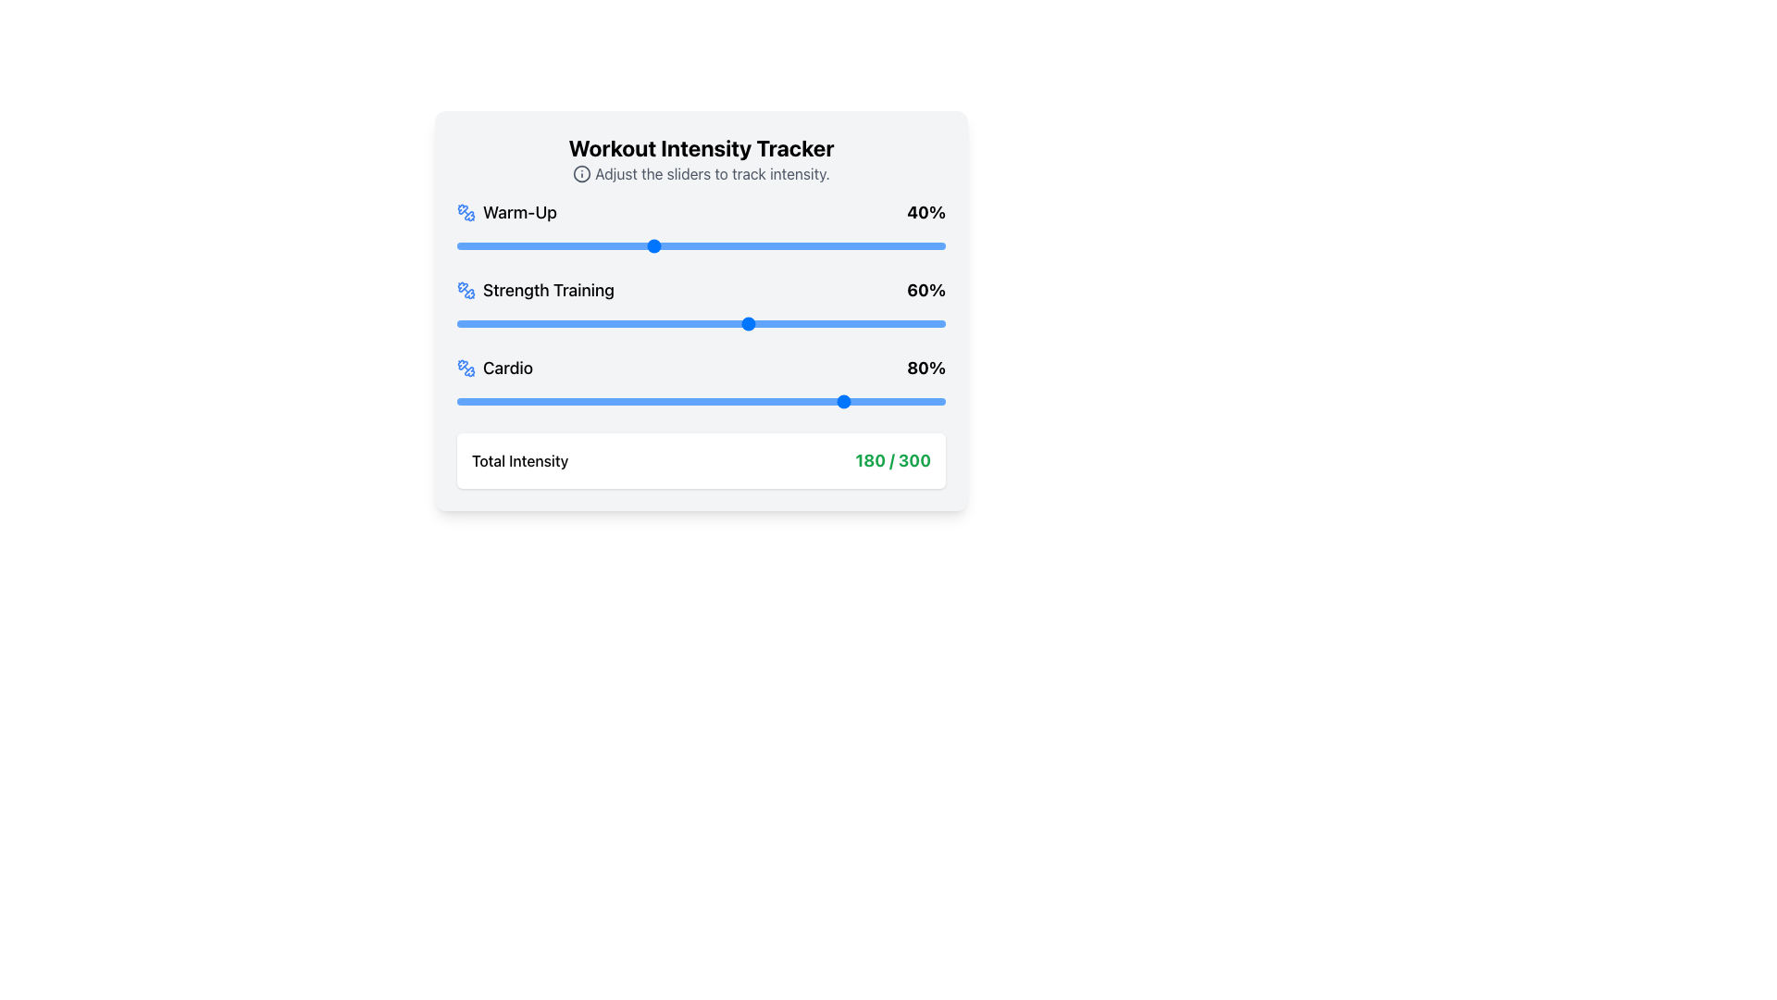 The width and height of the screenshot is (1777, 1000). What do you see at coordinates (506, 212) in the screenshot?
I see `the 'Warm-Up' text label that indicates a specific section of the workout intensity tracker, positioned under the 'Workout Intensity Tracker' heading and aligned with a '40%' progress indicator` at bounding box center [506, 212].